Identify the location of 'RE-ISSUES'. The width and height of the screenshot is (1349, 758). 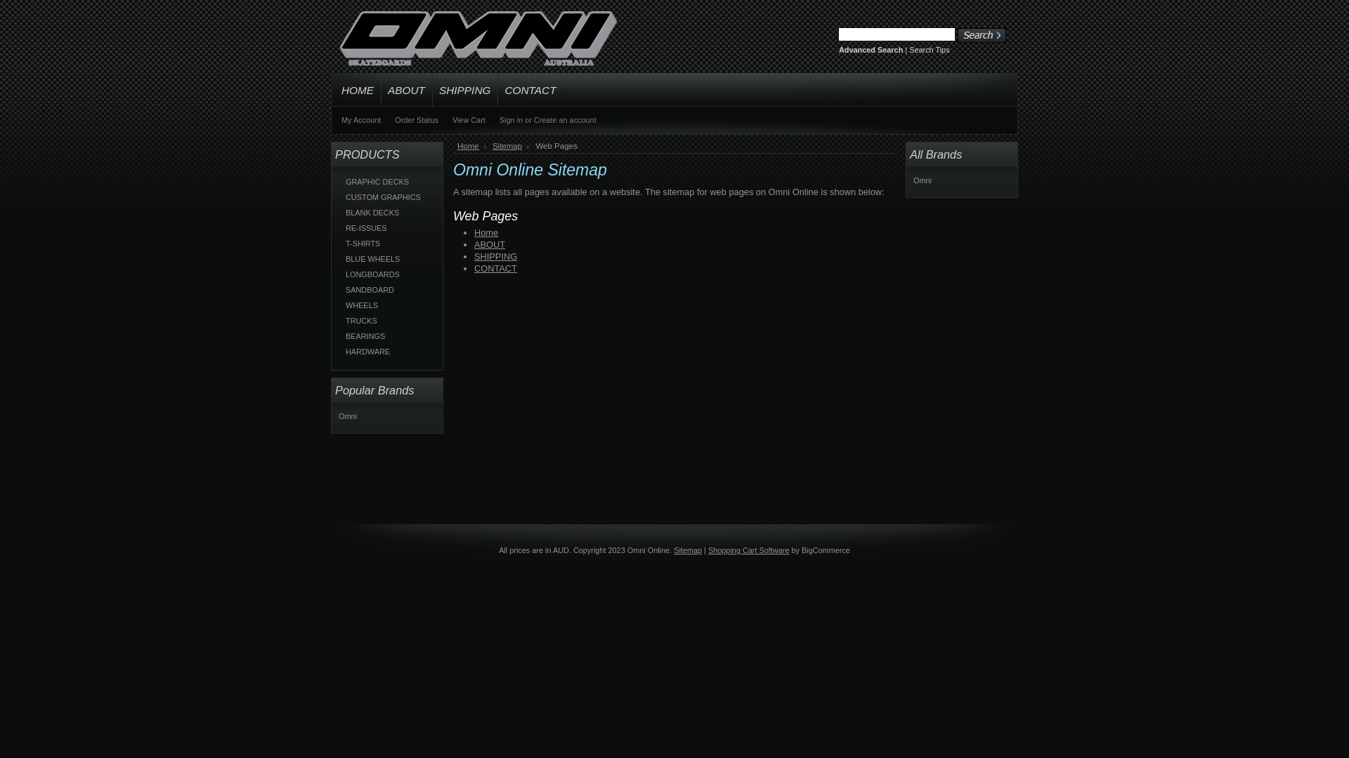
(388, 227).